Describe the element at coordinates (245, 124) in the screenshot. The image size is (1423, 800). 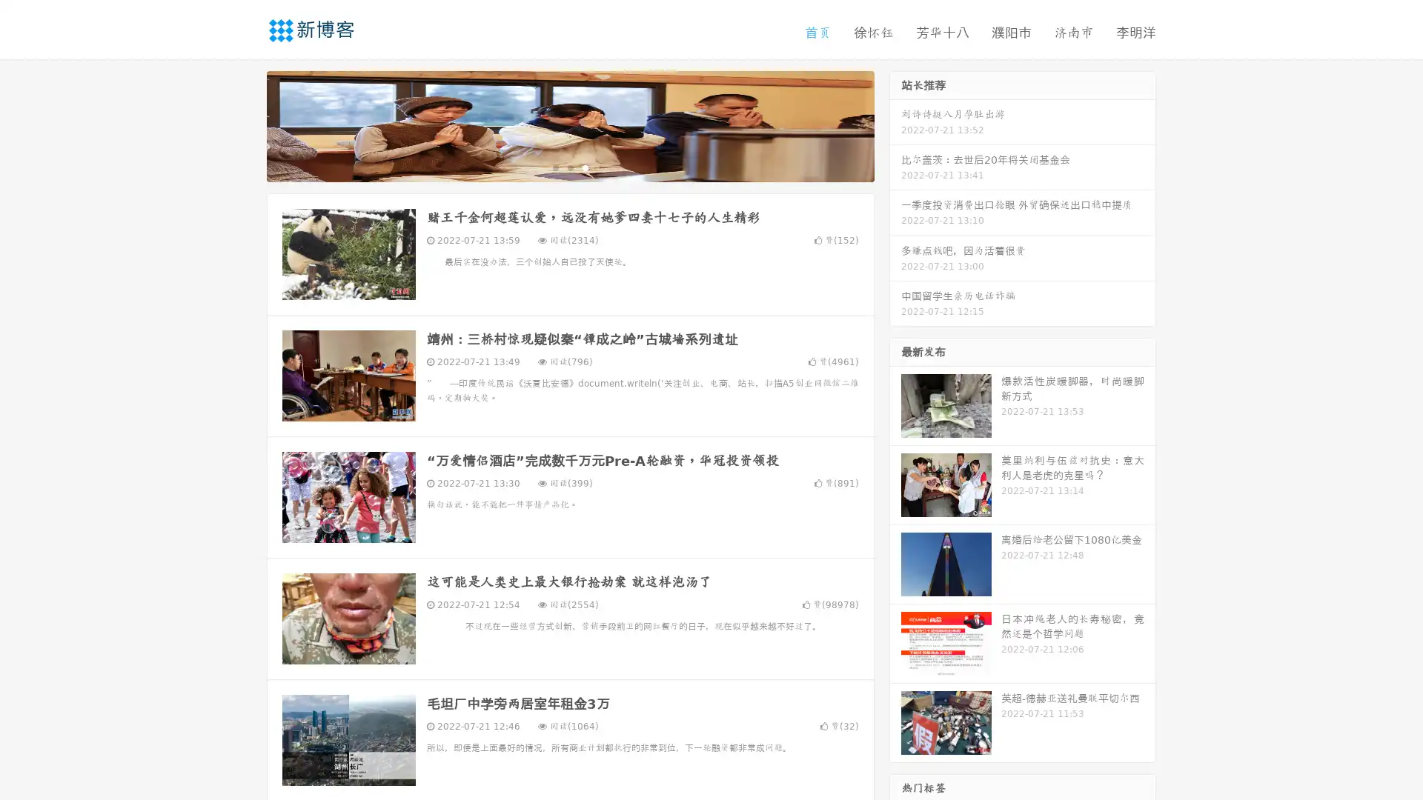
I see `Previous slide` at that location.